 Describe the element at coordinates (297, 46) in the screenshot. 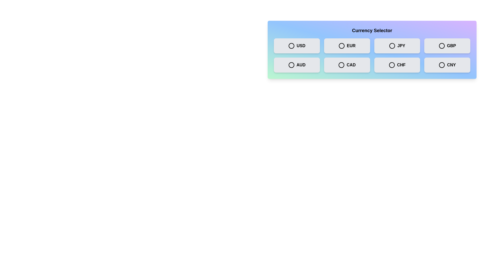

I see `the currency USD by clicking on its respective button` at that location.